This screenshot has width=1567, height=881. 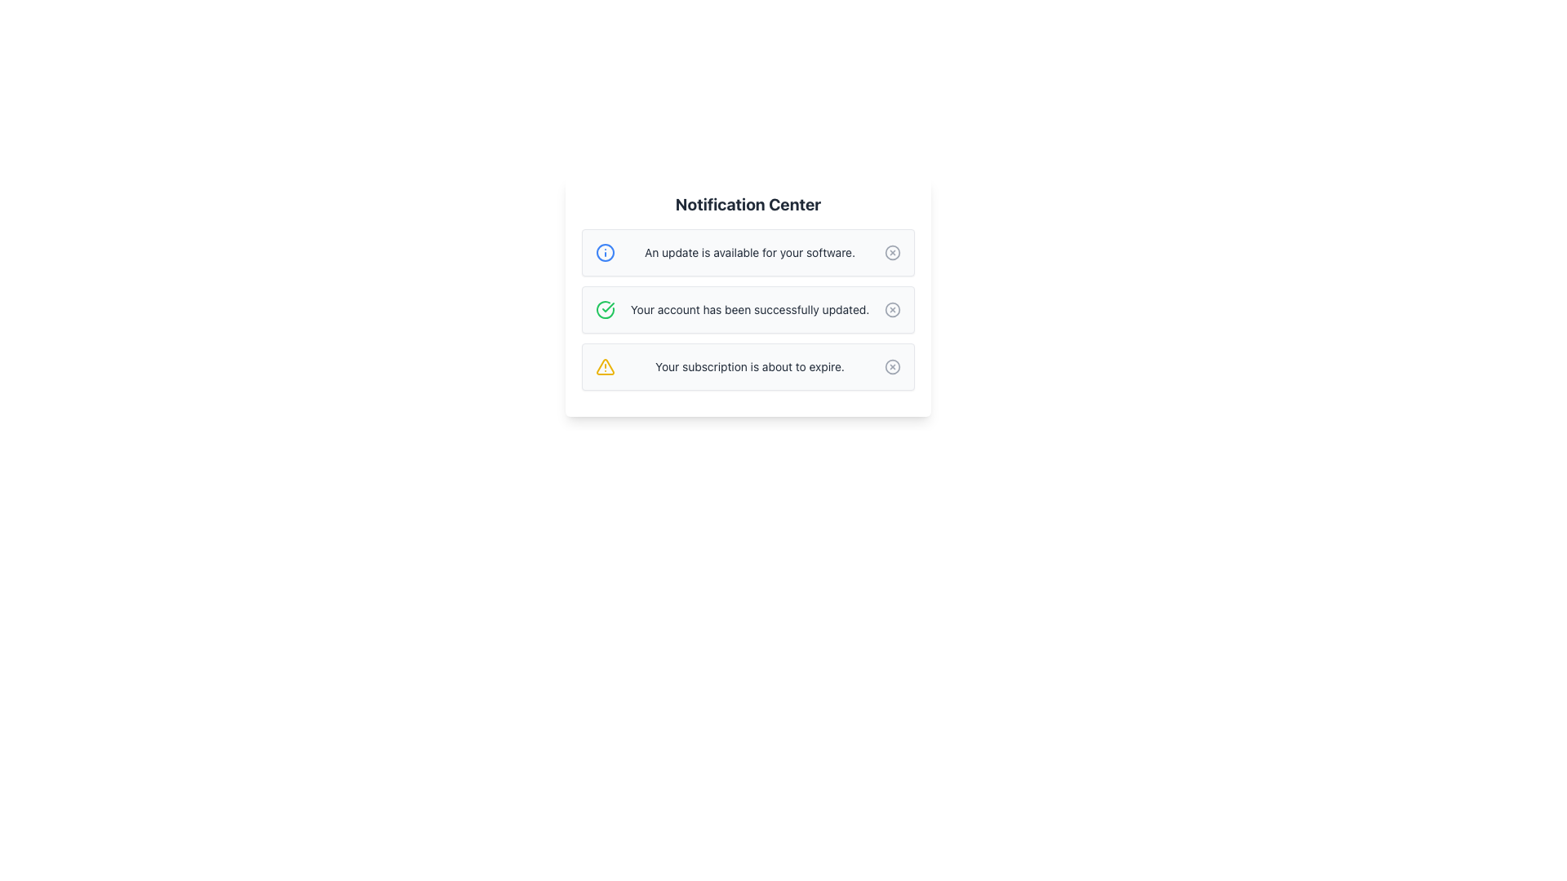 I want to click on message content of the Notification card that informs the user of a successful account update, which is the second notification in the 'Notification Center' modal, so click(x=747, y=310).